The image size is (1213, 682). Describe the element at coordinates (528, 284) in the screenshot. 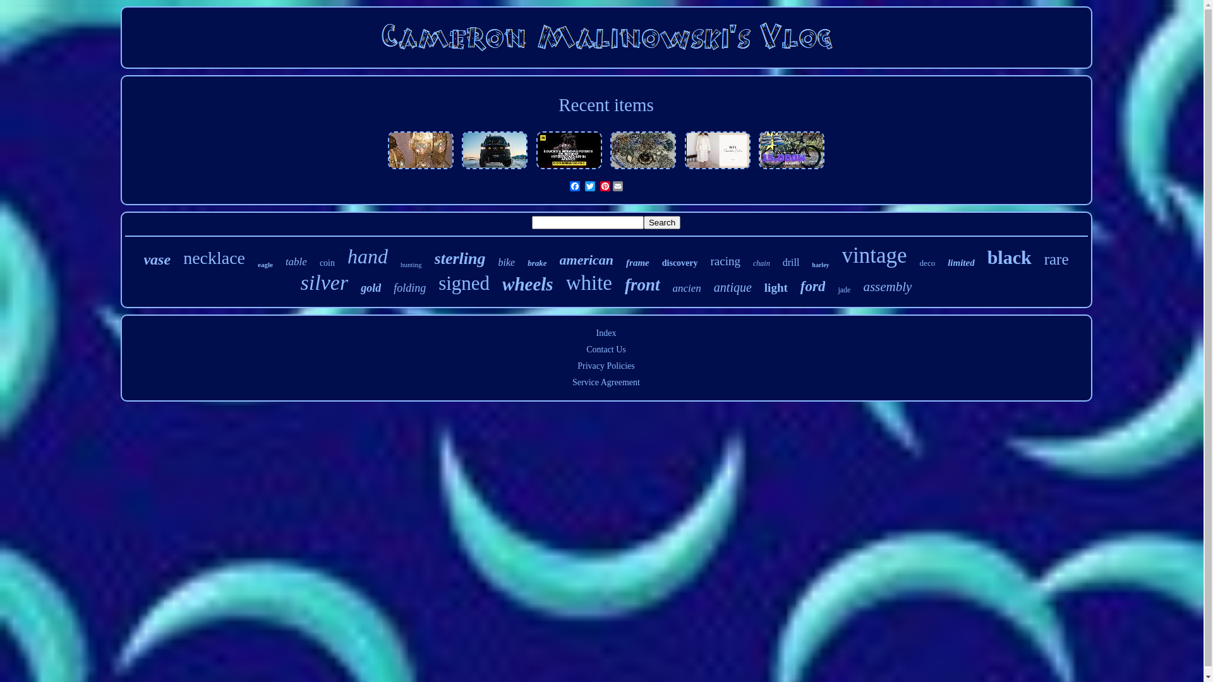

I see `'wheels'` at that location.